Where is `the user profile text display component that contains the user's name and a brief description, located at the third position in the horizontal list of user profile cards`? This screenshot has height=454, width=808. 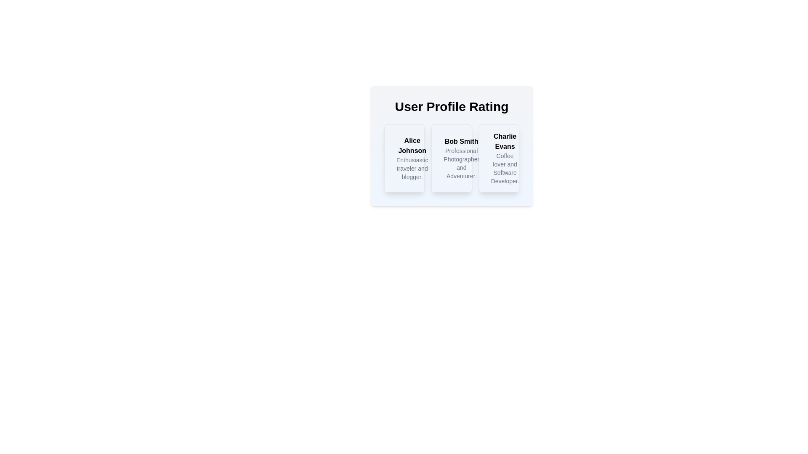
the user profile text display component that contains the user's name and a brief description, located at the third position in the horizontal list of user profile cards is located at coordinates (505, 158).